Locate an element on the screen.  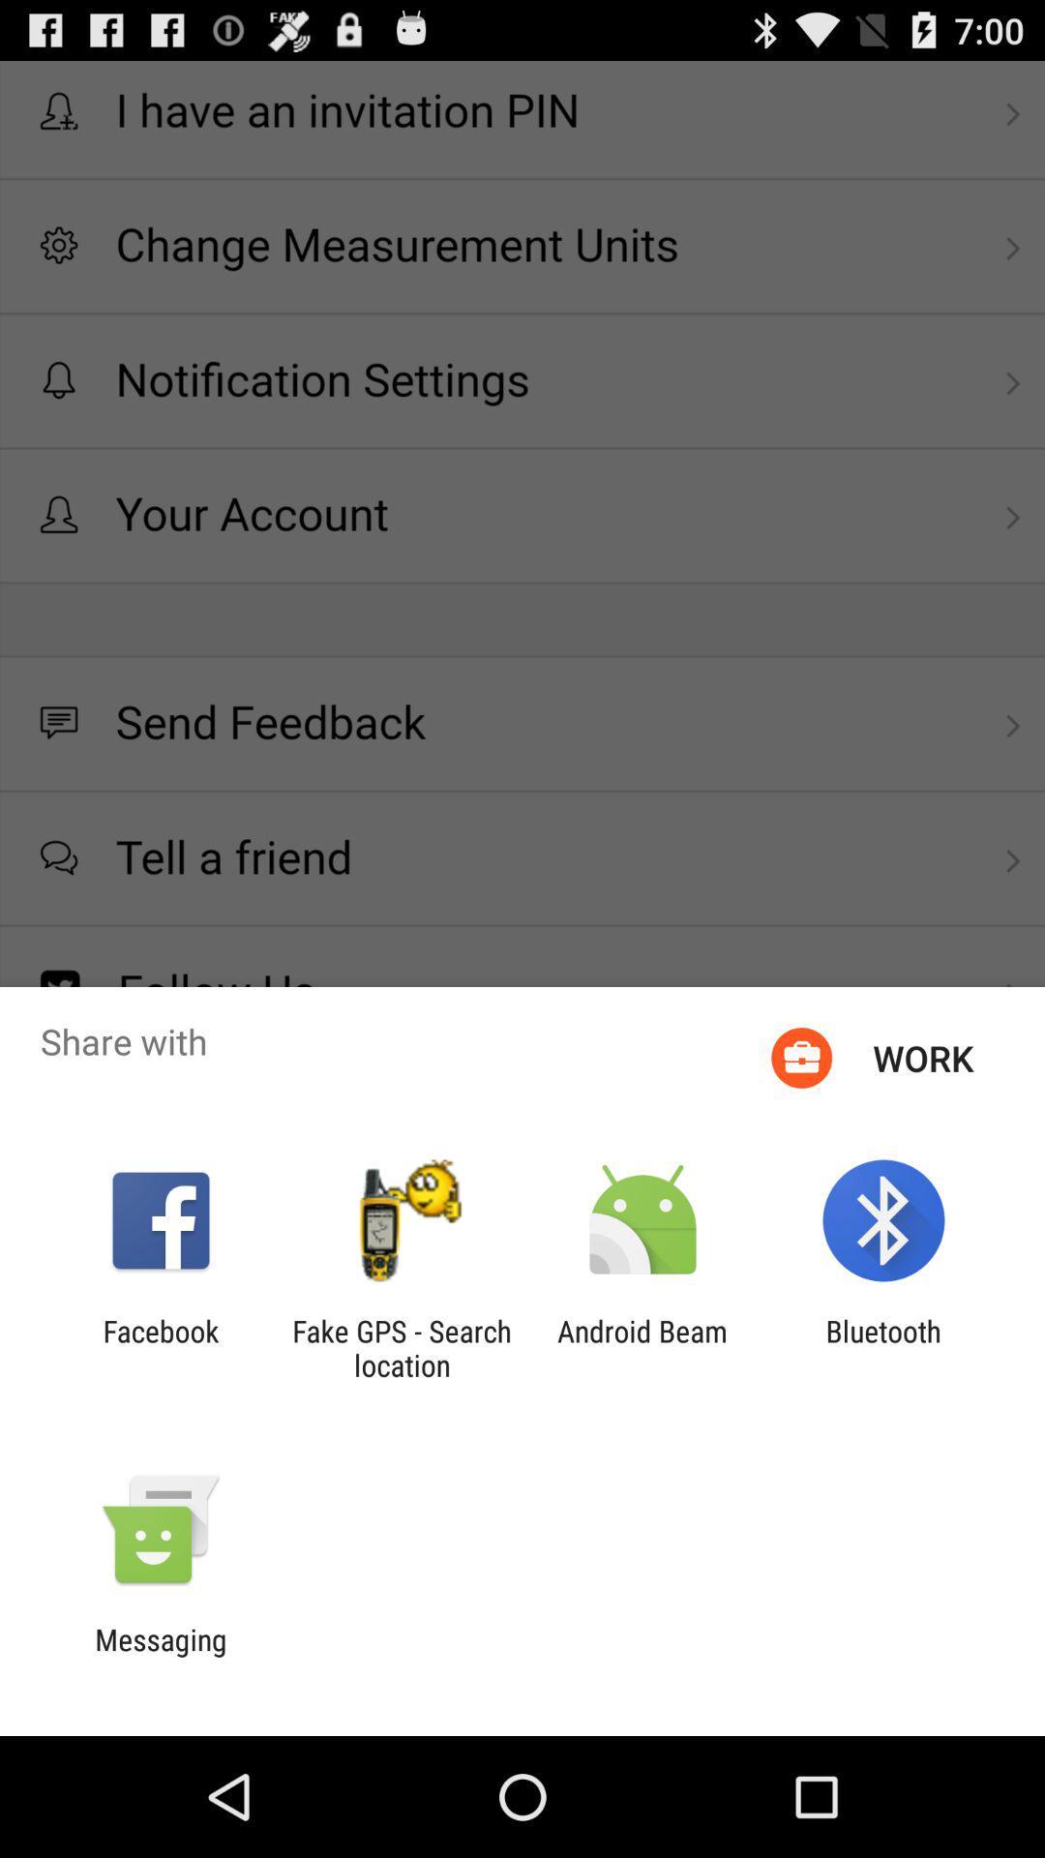
the android beam item is located at coordinates (642, 1347).